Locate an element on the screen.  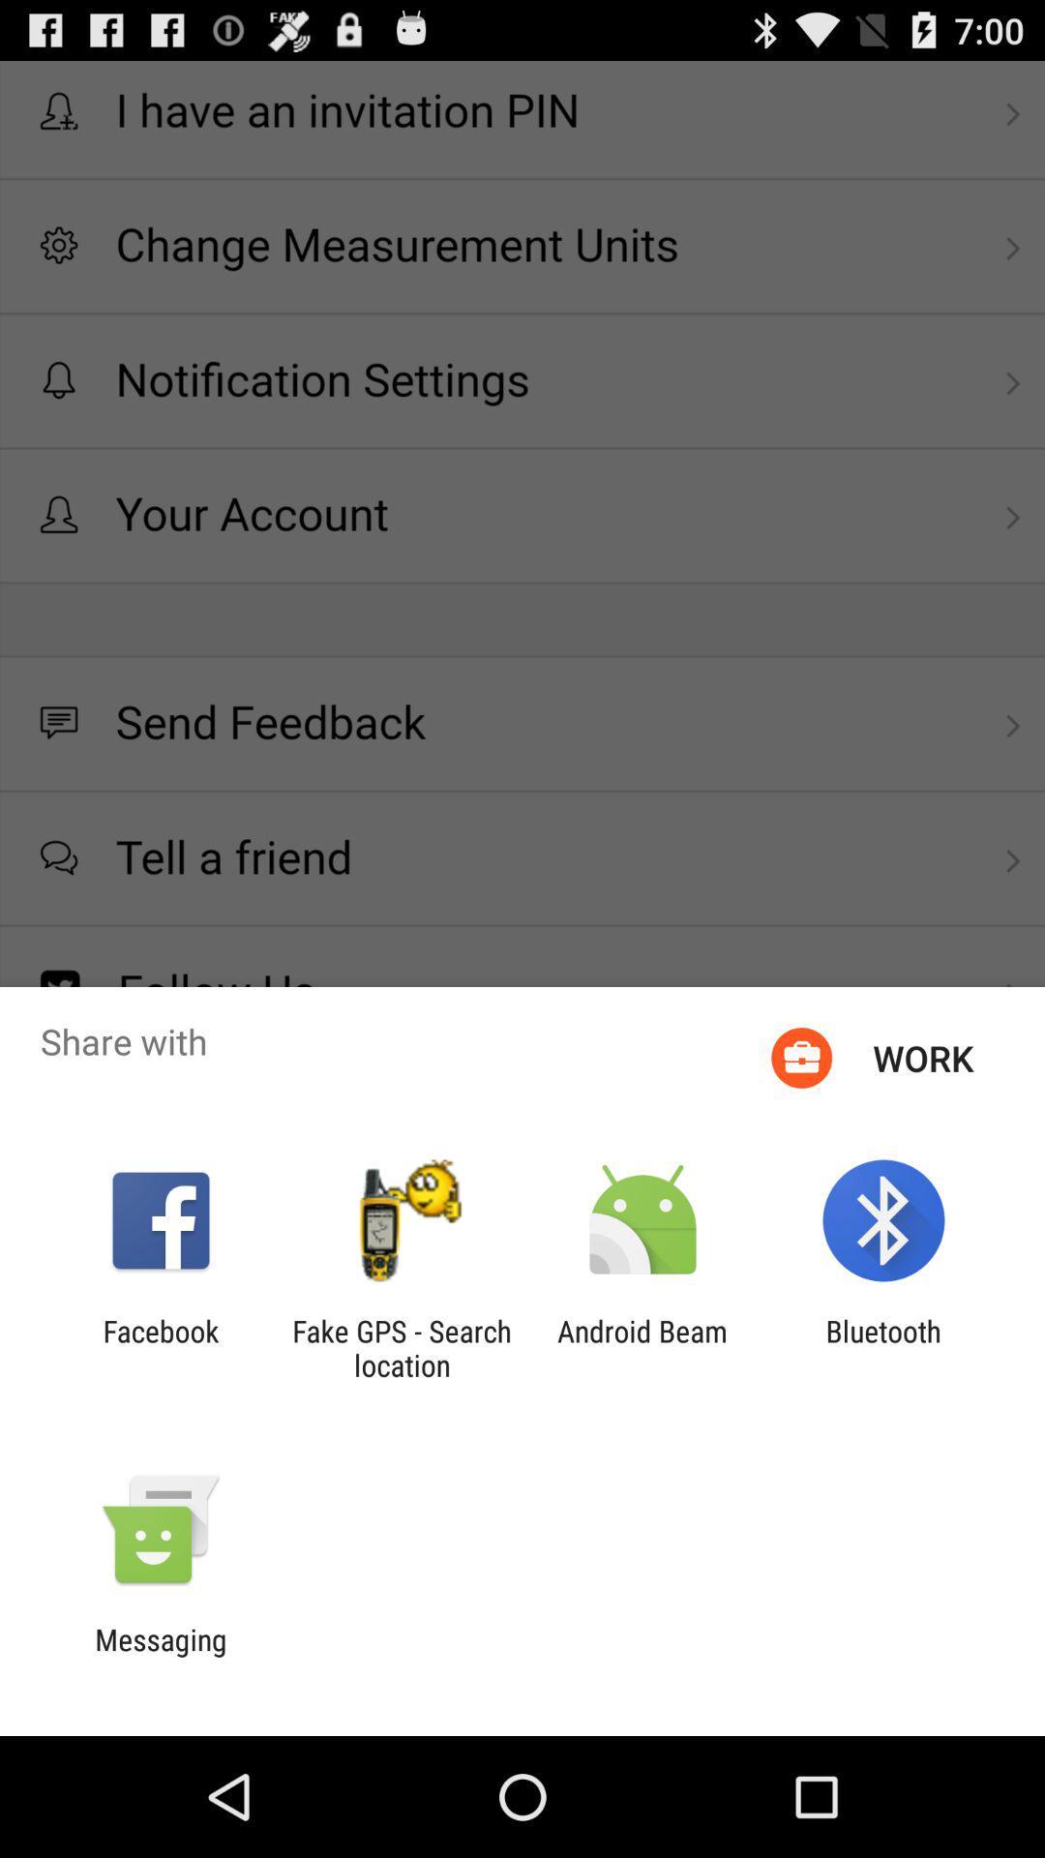
the android beam item is located at coordinates (642, 1347).